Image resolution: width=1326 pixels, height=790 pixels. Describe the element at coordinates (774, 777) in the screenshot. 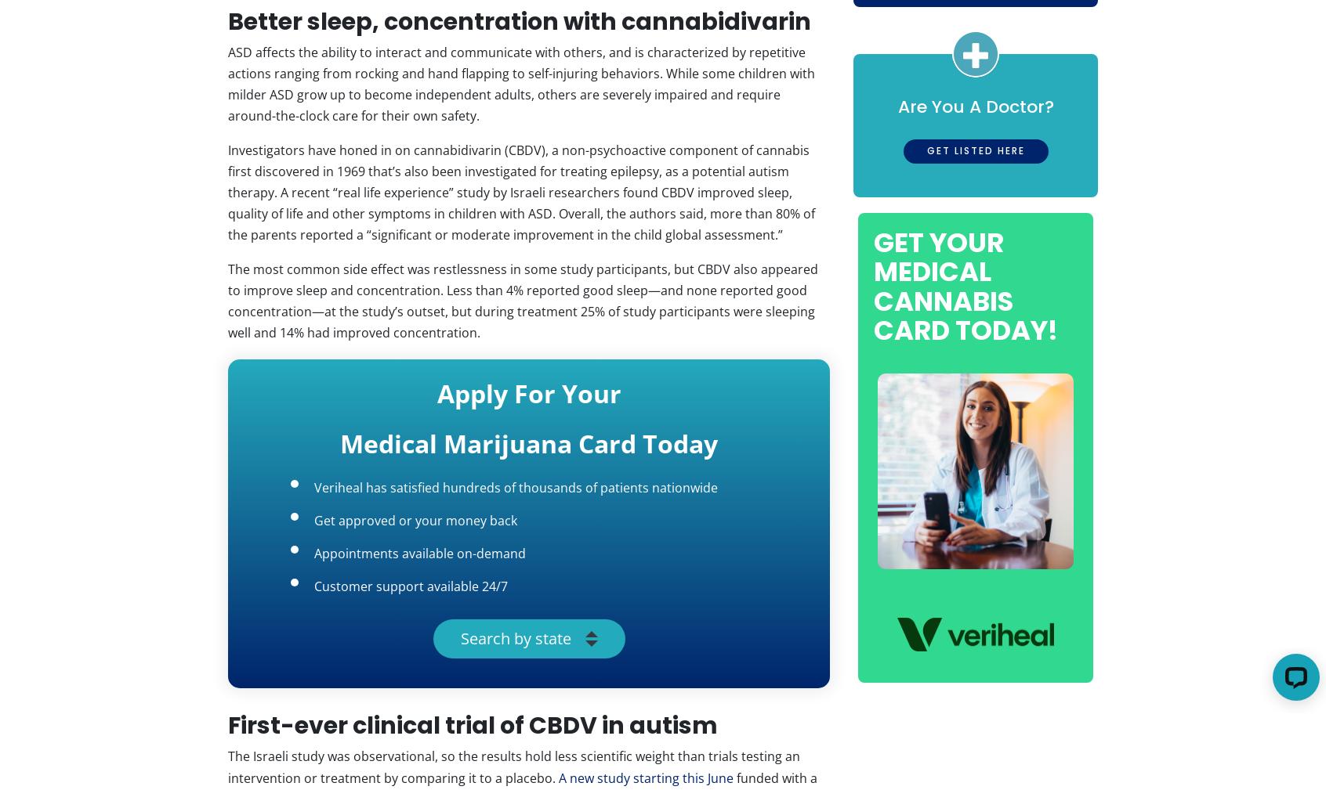

I see `'funded with a'` at that location.